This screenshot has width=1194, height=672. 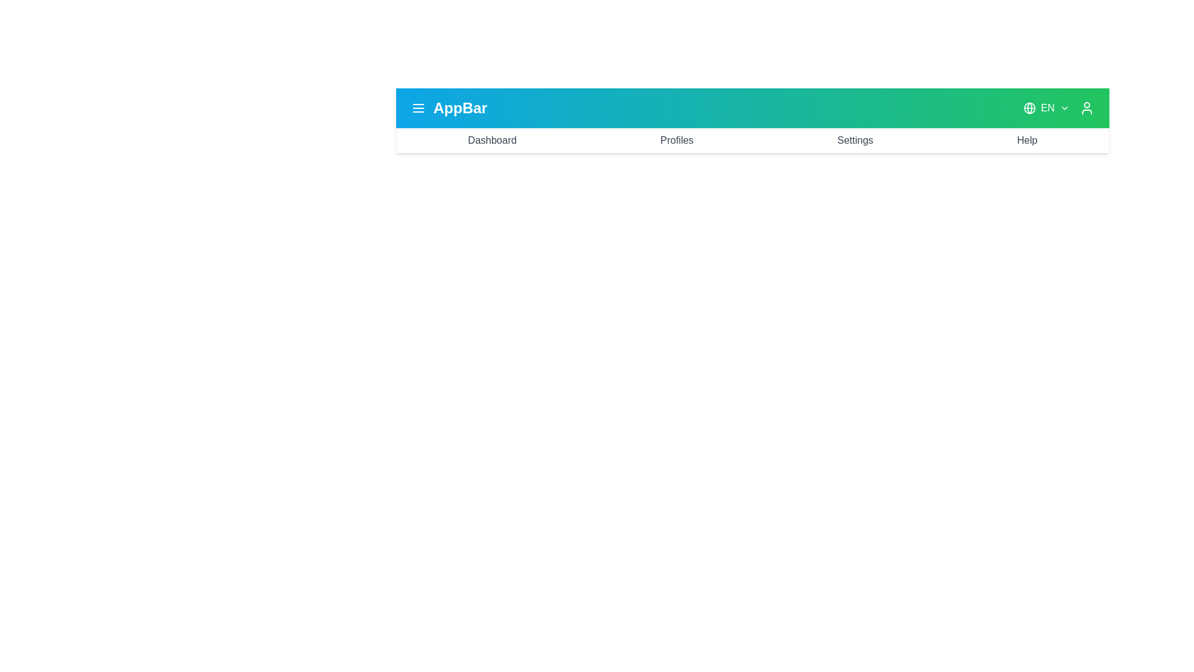 What do you see at coordinates (418, 107) in the screenshot?
I see `the menu icon to toggle the menu visibility` at bounding box center [418, 107].